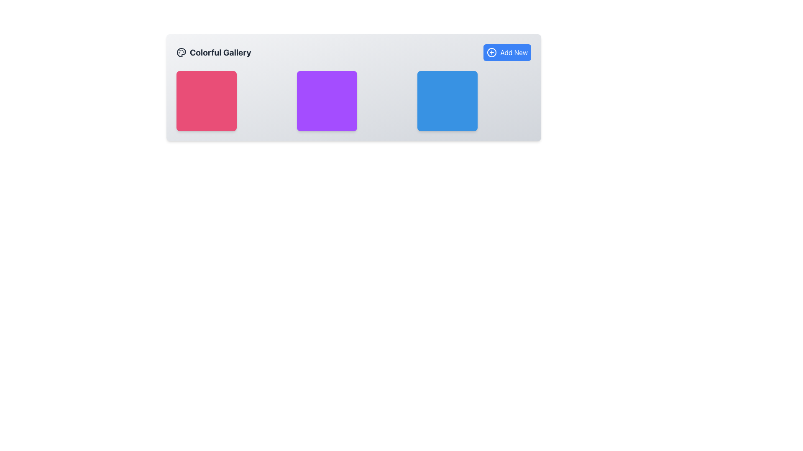  What do you see at coordinates (207, 101) in the screenshot?
I see `the first pink square in the 'Colorful Gallery' section, which serves as a decorative block` at bounding box center [207, 101].